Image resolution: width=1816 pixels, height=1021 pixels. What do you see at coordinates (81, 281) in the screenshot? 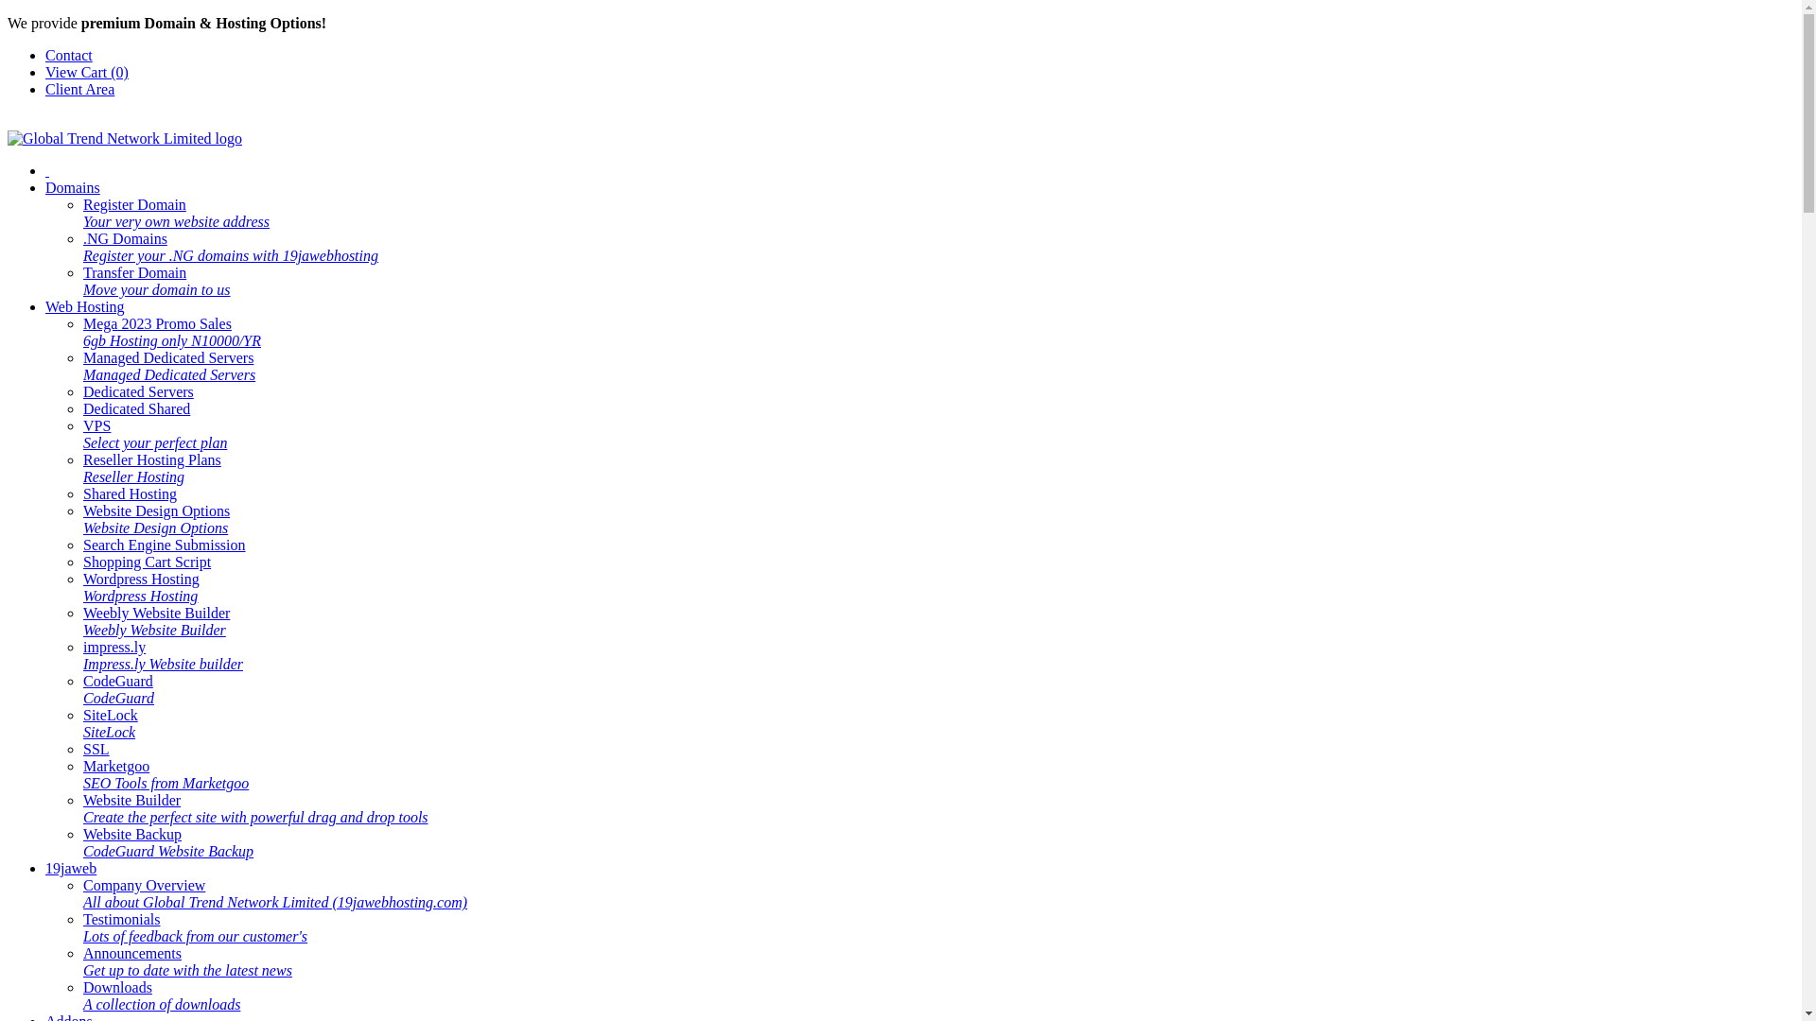
I see `'Transfer Domain` at bounding box center [81, 281].